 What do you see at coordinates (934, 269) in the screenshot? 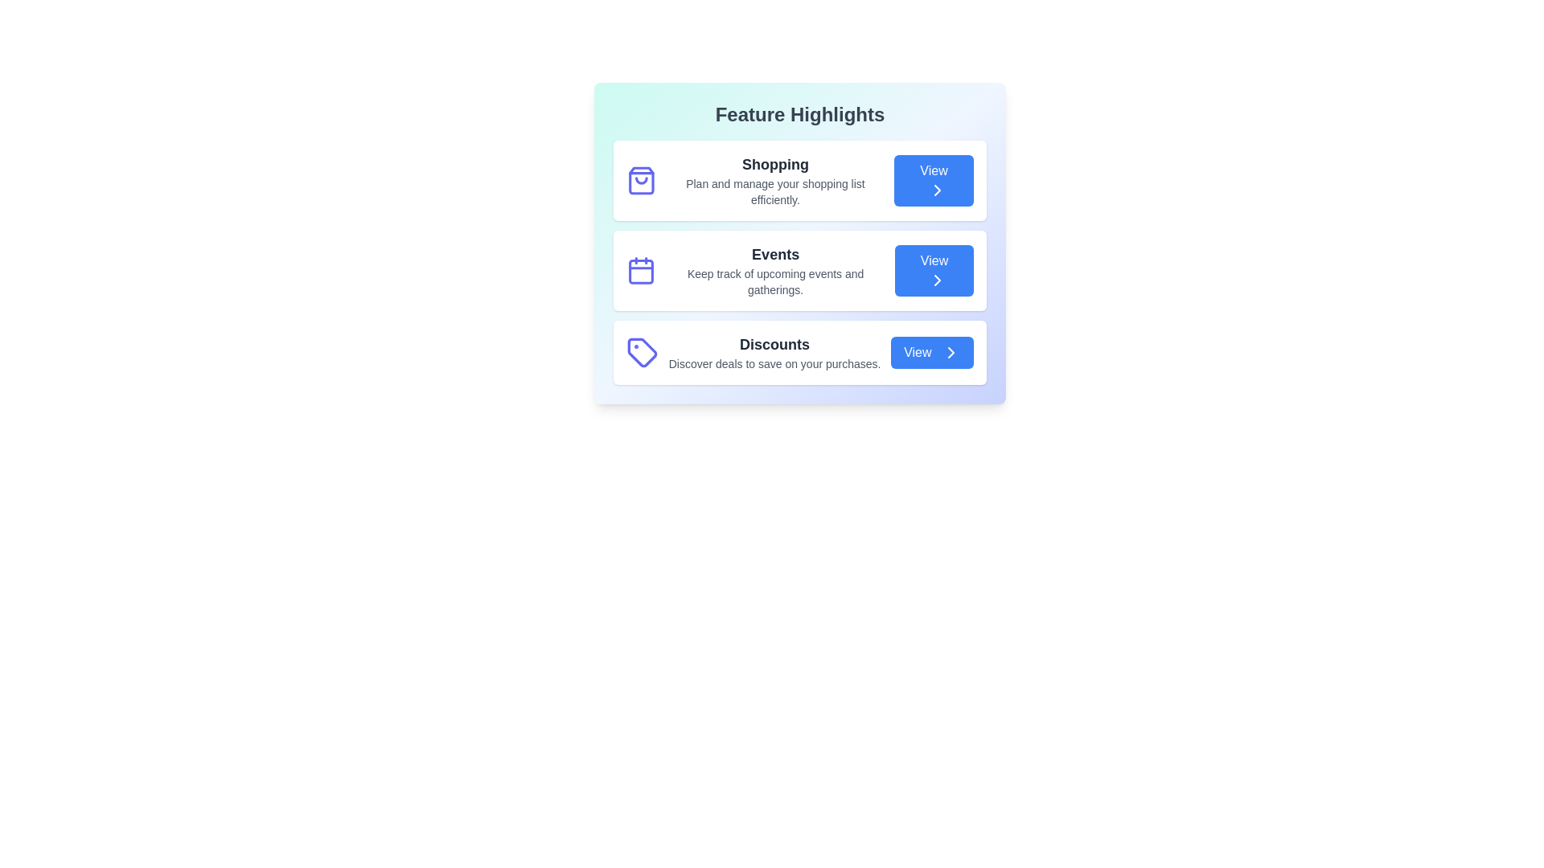
I see `the 'View' button for the feature Events` at bounding box center [934, 269].